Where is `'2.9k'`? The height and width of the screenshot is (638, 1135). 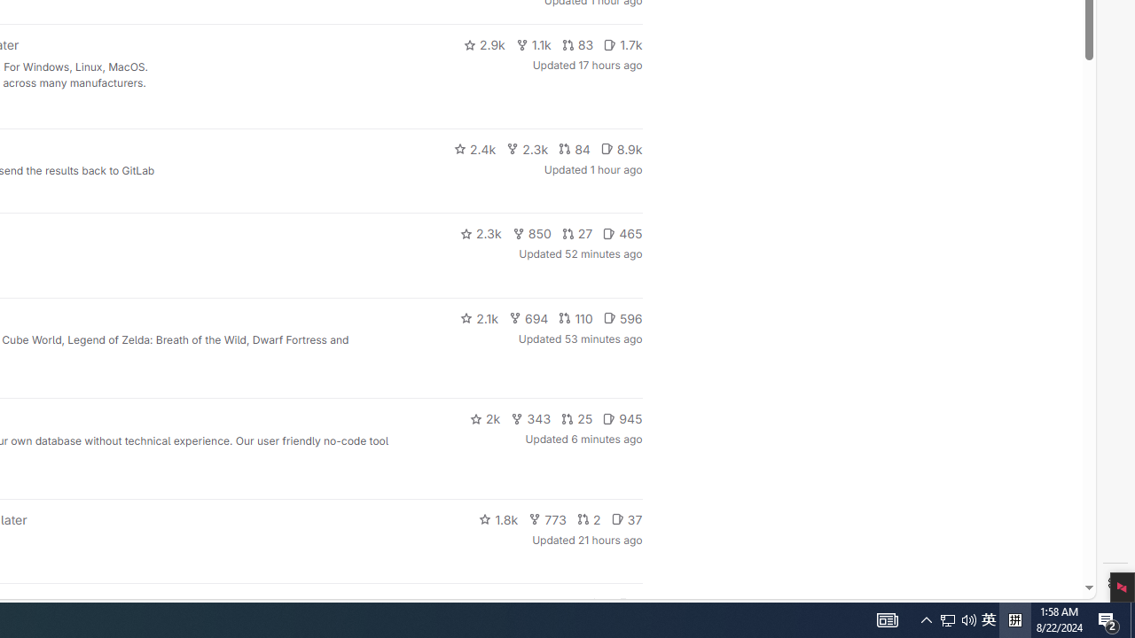 '2.9k' is located at coordinates (483, 44).